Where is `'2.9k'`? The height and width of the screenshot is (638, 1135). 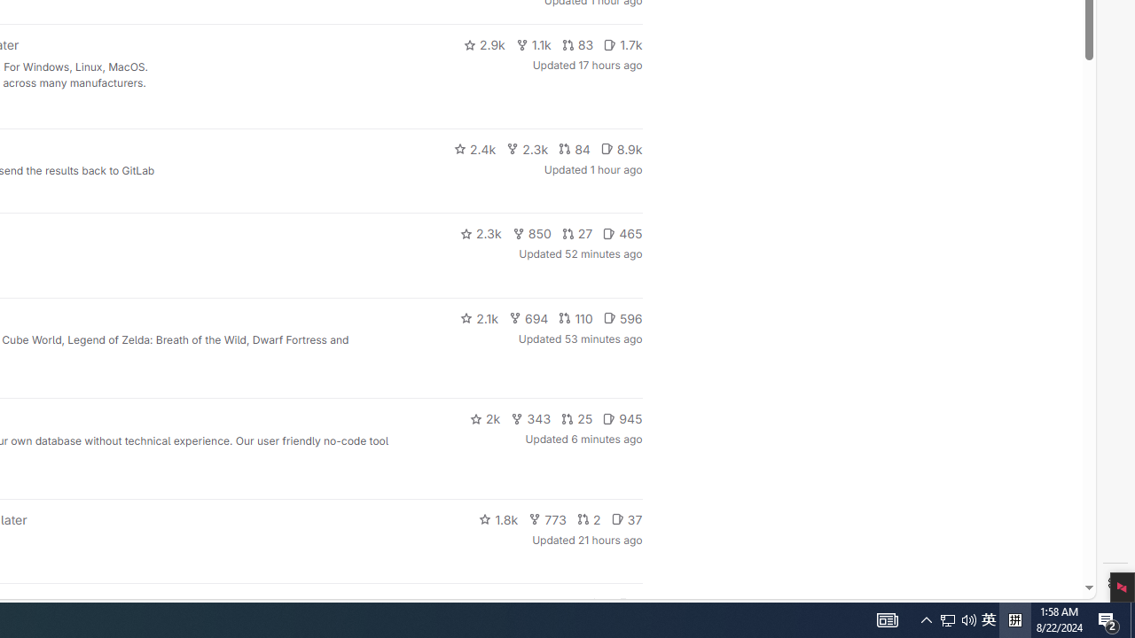 '2.9k' is located at coordinates (483, 44).